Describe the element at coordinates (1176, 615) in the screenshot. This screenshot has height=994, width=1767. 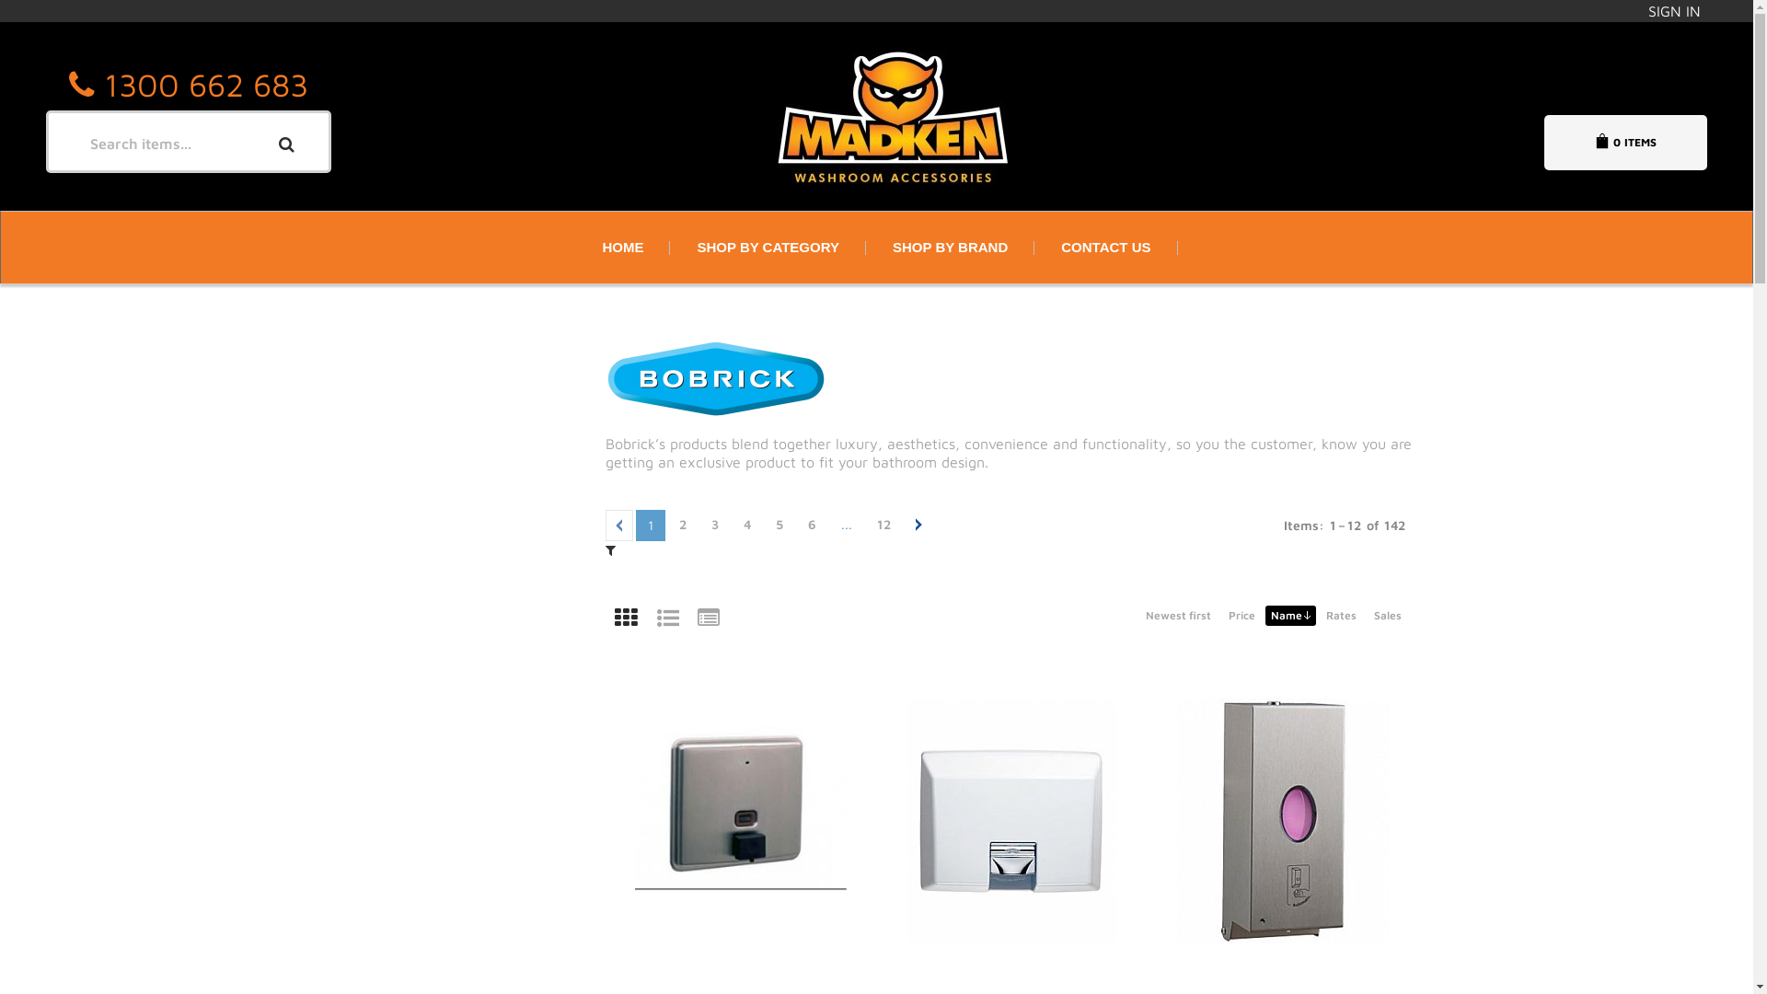
I see `'Newest first'` at that location.